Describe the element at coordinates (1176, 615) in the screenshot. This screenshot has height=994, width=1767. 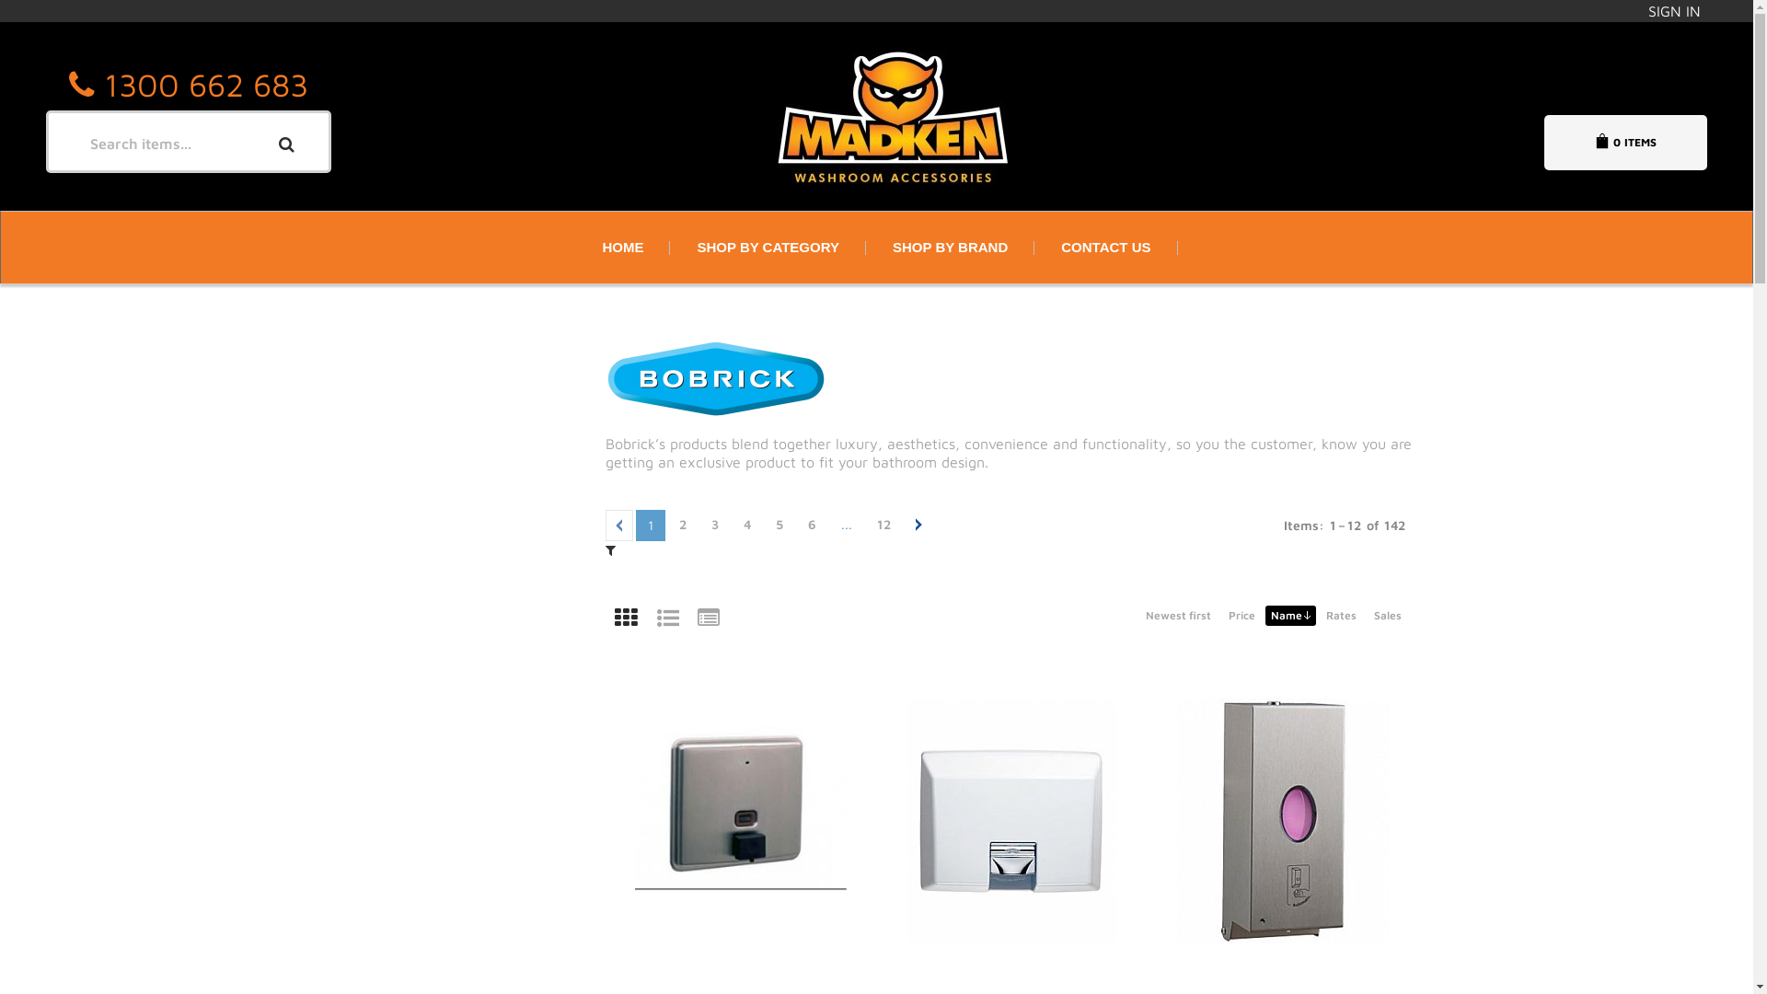
I see `'Newest first'` at that location.